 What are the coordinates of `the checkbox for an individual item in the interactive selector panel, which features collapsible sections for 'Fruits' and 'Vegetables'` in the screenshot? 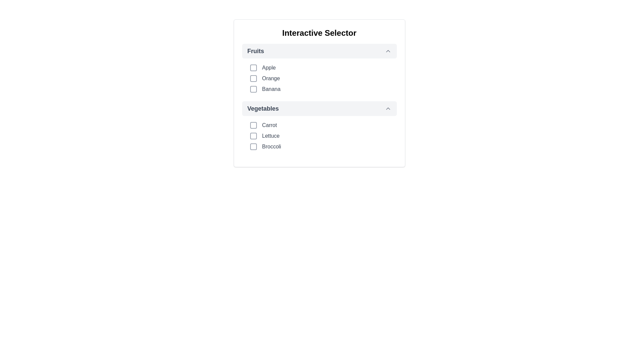 It's located at (319, 93).